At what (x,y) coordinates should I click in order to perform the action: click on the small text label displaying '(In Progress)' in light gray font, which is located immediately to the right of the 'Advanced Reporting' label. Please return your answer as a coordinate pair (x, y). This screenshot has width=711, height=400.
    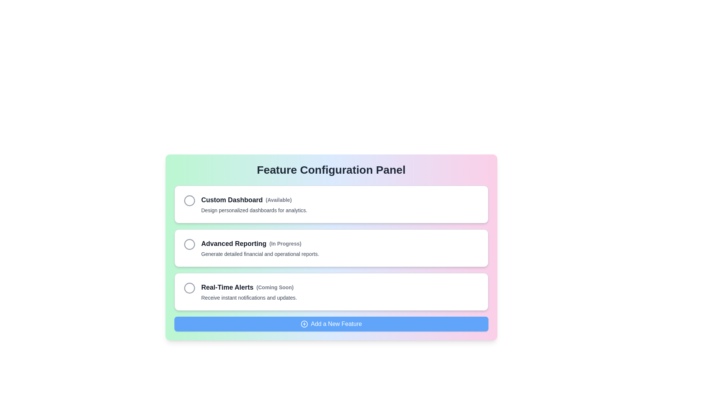
    Looking at the image, I should click on (285, 244).